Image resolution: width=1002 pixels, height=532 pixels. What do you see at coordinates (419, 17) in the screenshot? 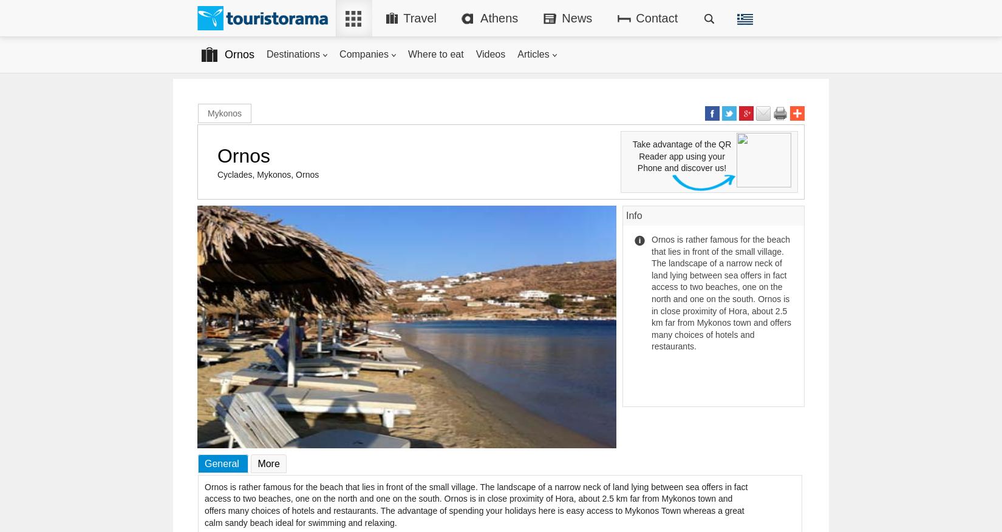
I see `'Travel'` at bounding box center [419, 17].